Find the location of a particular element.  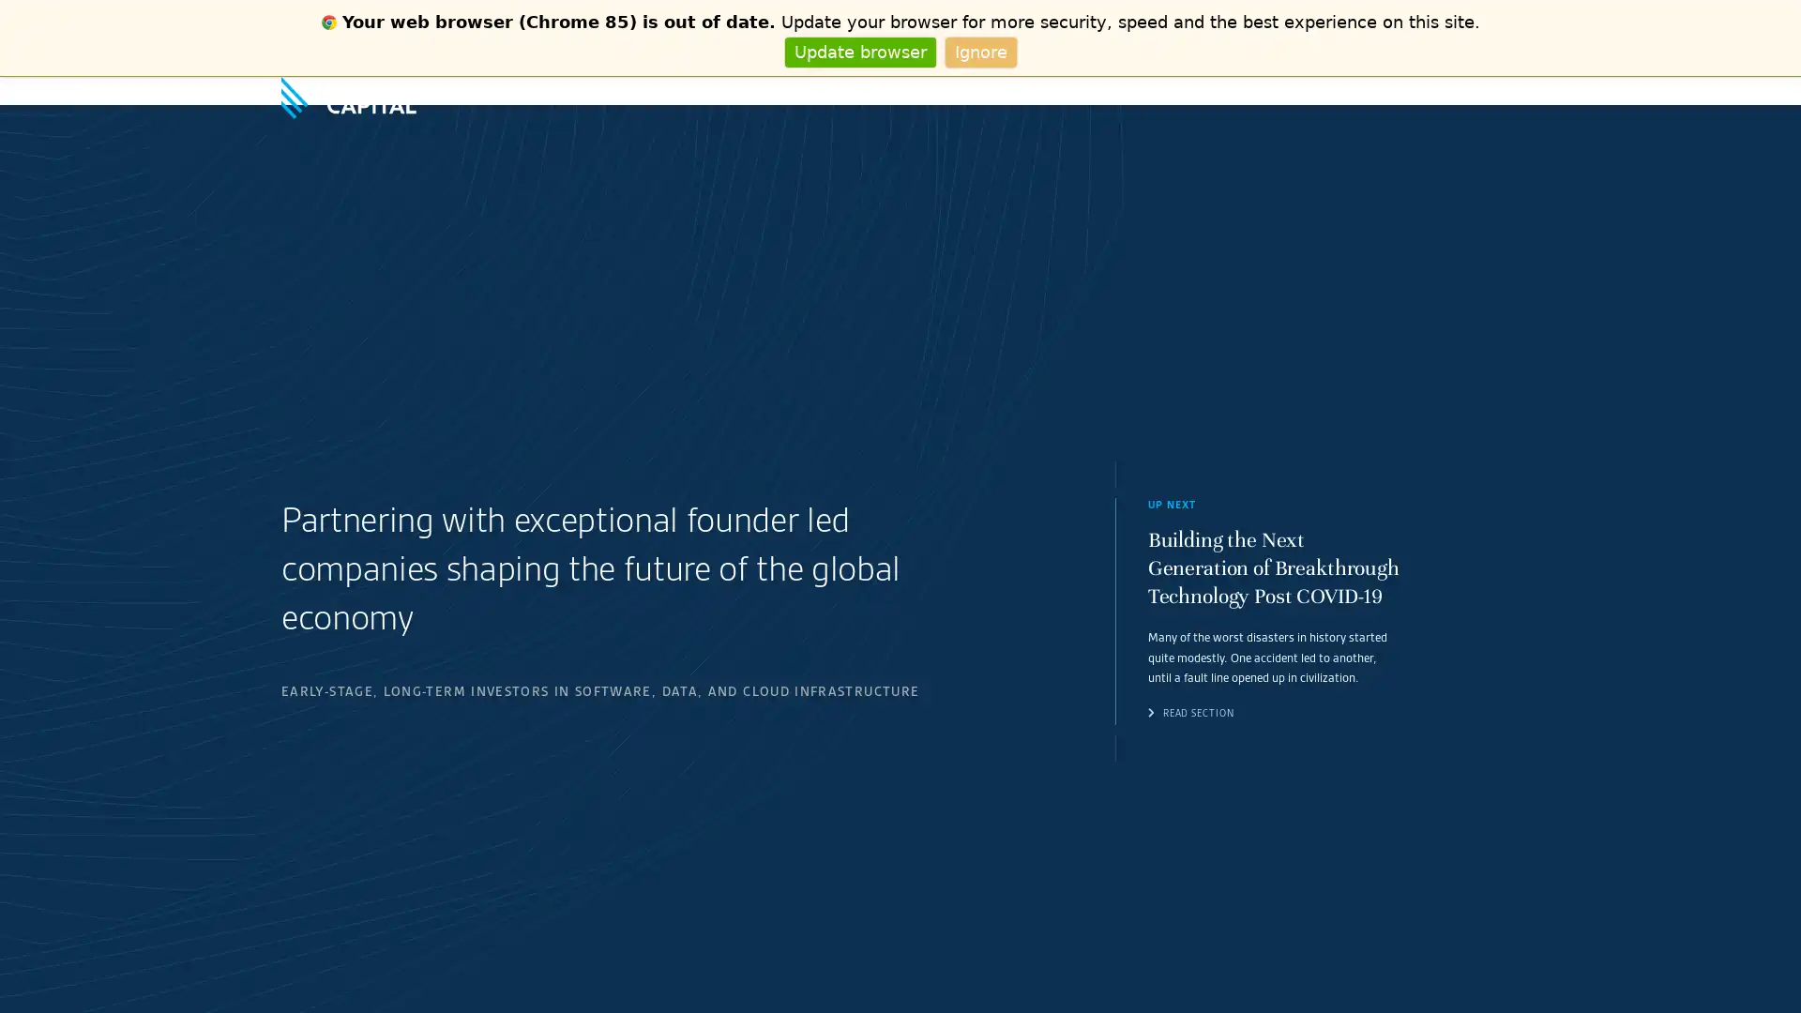

Ignore is located at coordinates (979, 51).